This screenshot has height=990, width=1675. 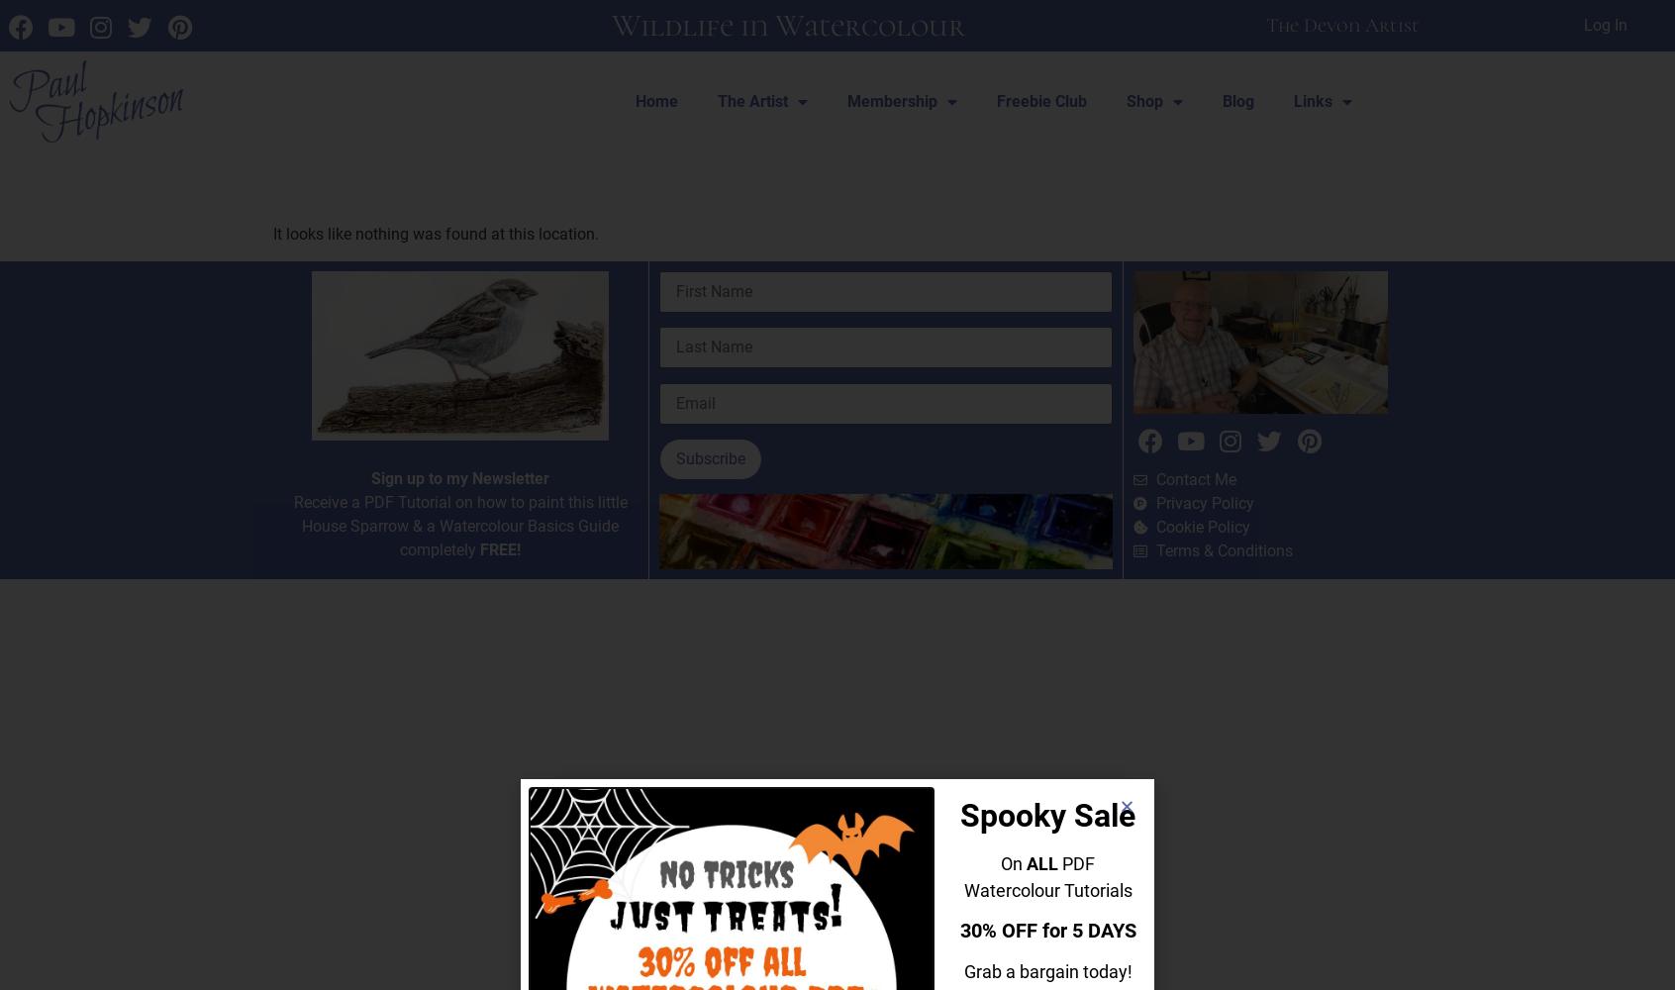 I want to click on 'The page can’t be found.', so click(x=490, y=182).